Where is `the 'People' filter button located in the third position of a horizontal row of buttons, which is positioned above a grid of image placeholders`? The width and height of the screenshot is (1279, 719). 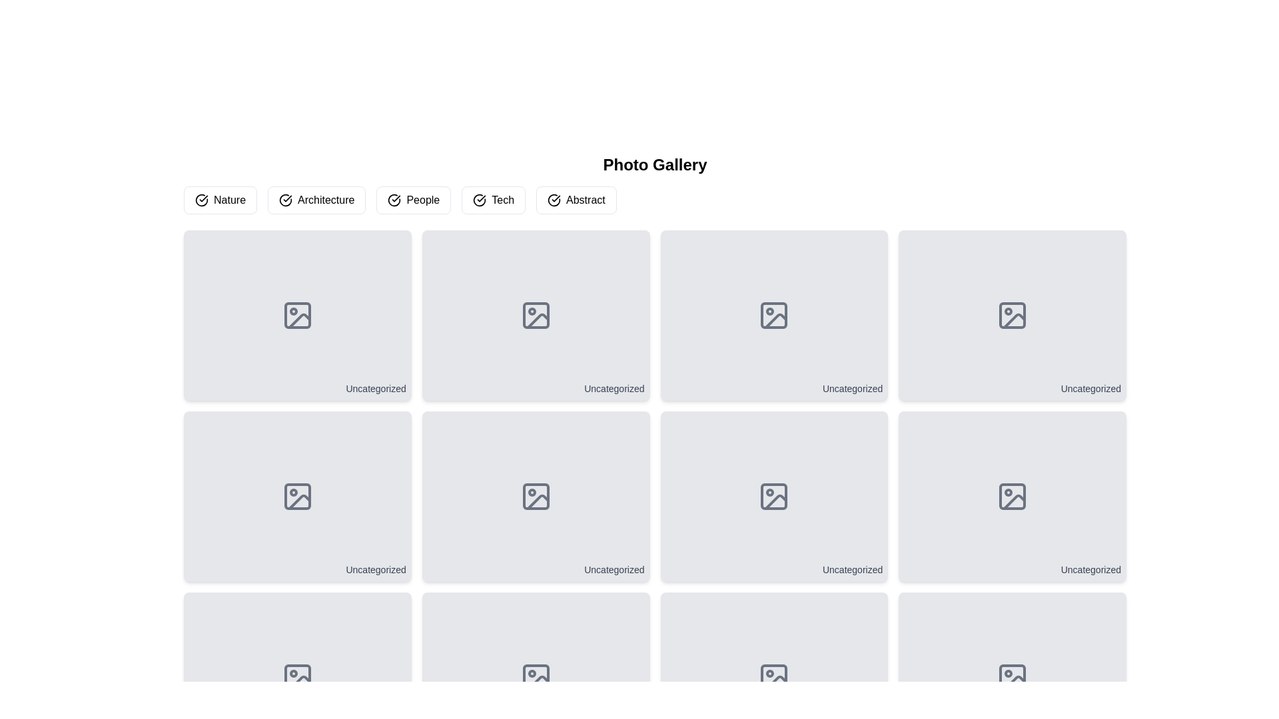 the 'People' filter button located in the third position of a horizontal row of buttons, which is positioned above a grid of image placeholders is located at coordinates (413, 200).